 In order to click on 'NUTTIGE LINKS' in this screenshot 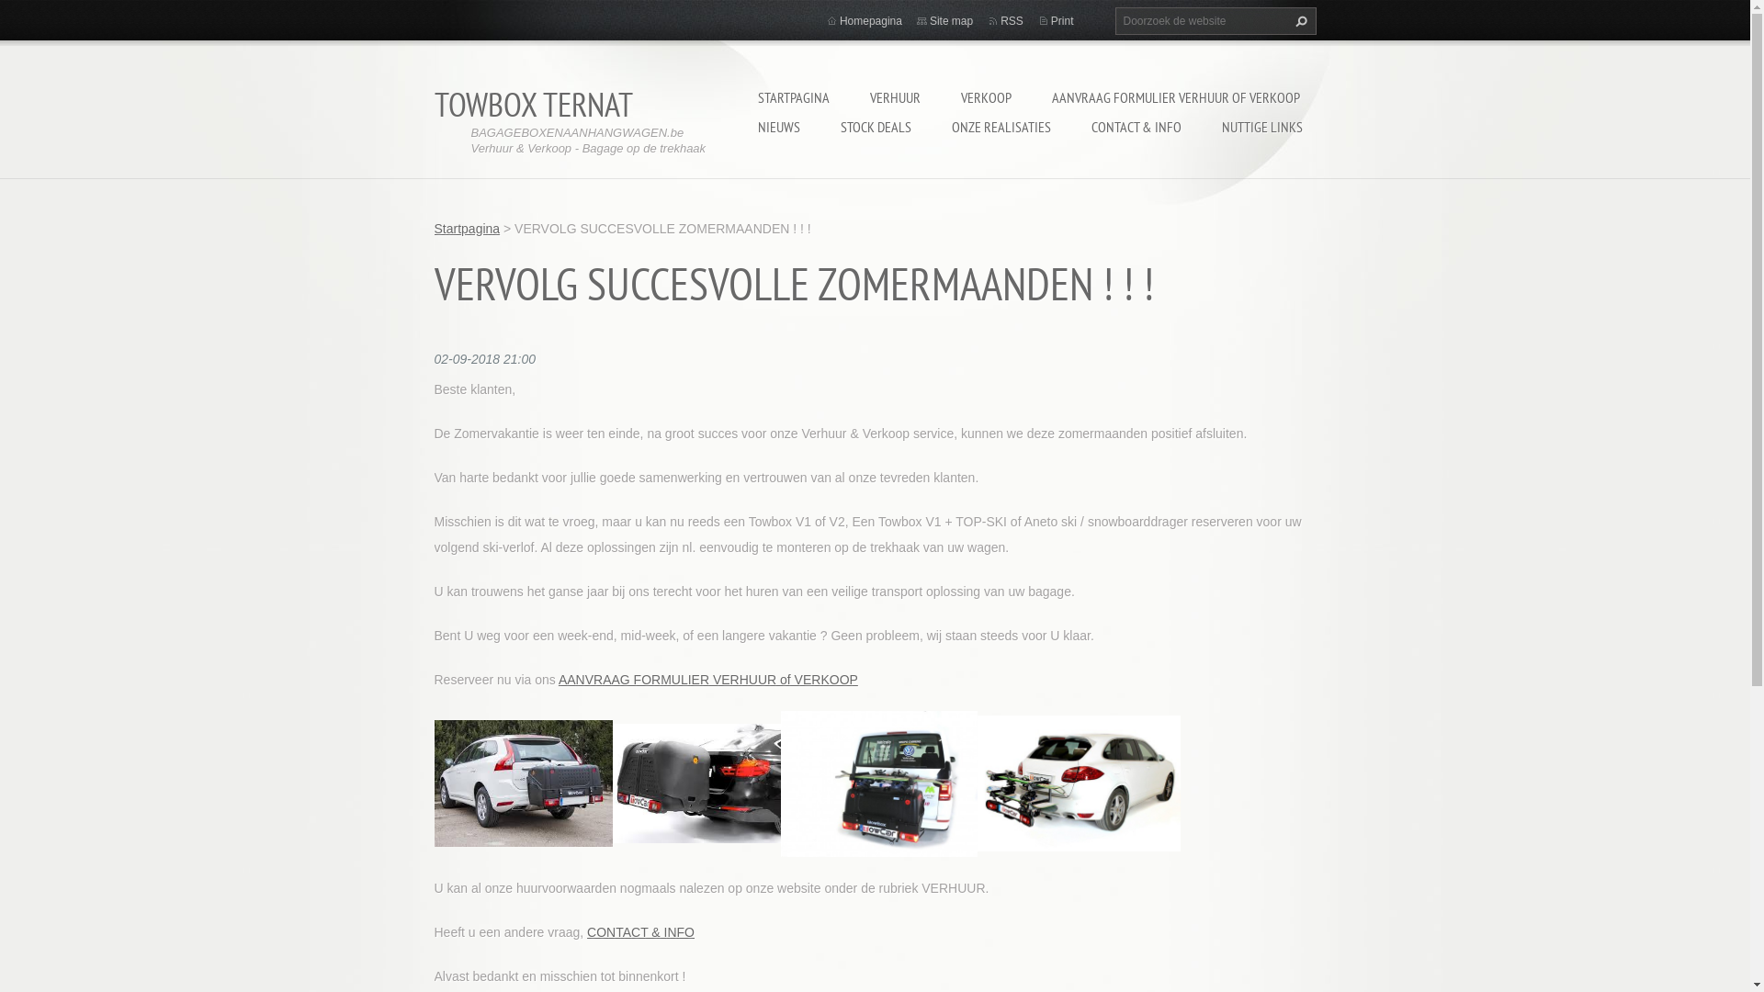, I will do `click(1211, 126)`.